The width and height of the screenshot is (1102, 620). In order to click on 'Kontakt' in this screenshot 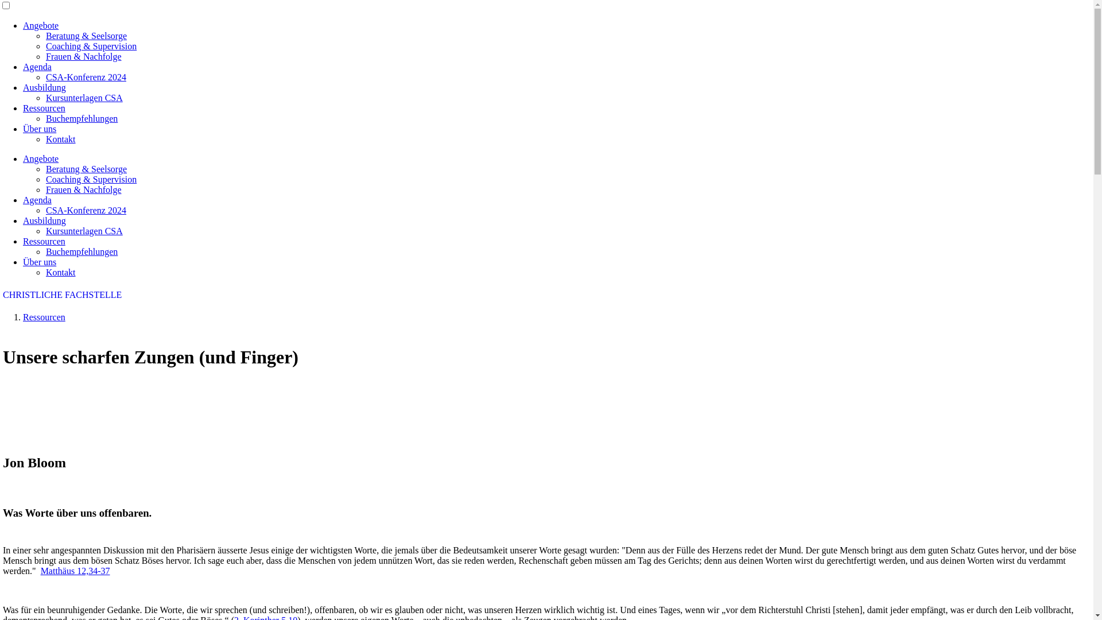, I will do `click(60, 138)`.